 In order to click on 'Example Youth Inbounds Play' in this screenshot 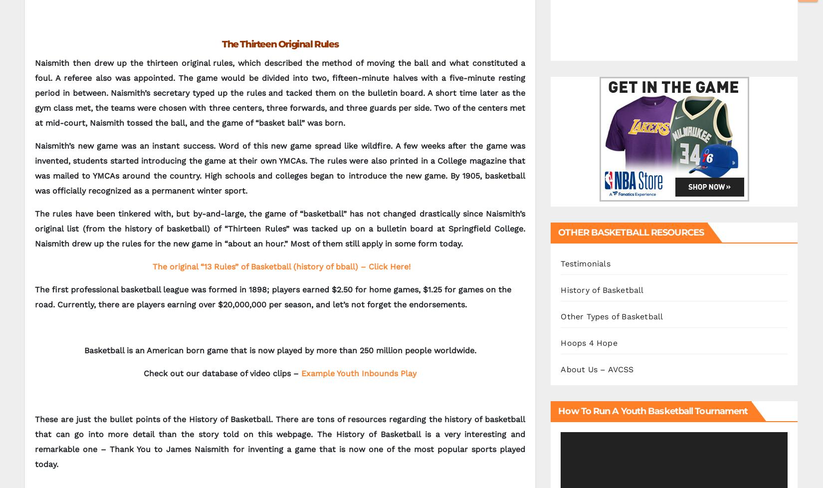, I will do `click(358, 373)`.